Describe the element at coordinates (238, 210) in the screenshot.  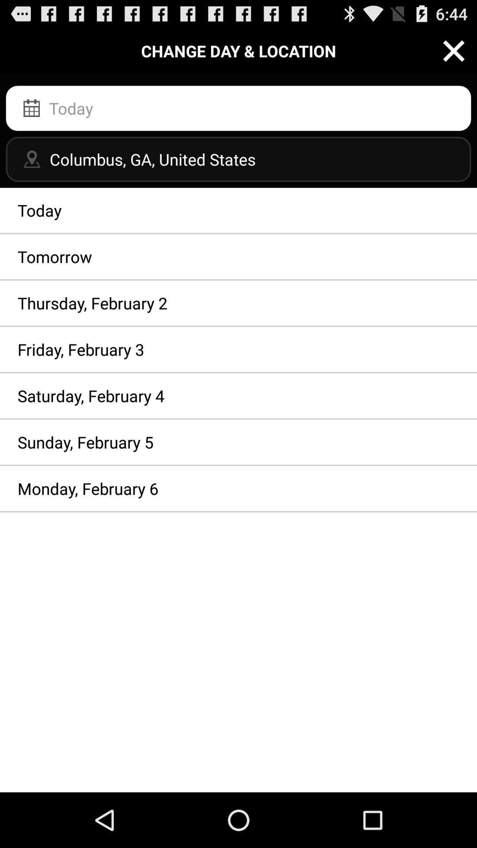
I see `the today item` at that location.